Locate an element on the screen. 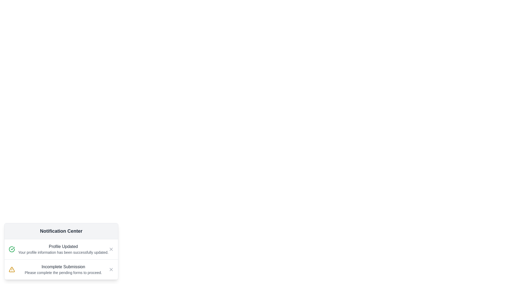 The image size is (506, 284). the circular green checkmark icon in the notification bar is located at coordinates (12, 249).